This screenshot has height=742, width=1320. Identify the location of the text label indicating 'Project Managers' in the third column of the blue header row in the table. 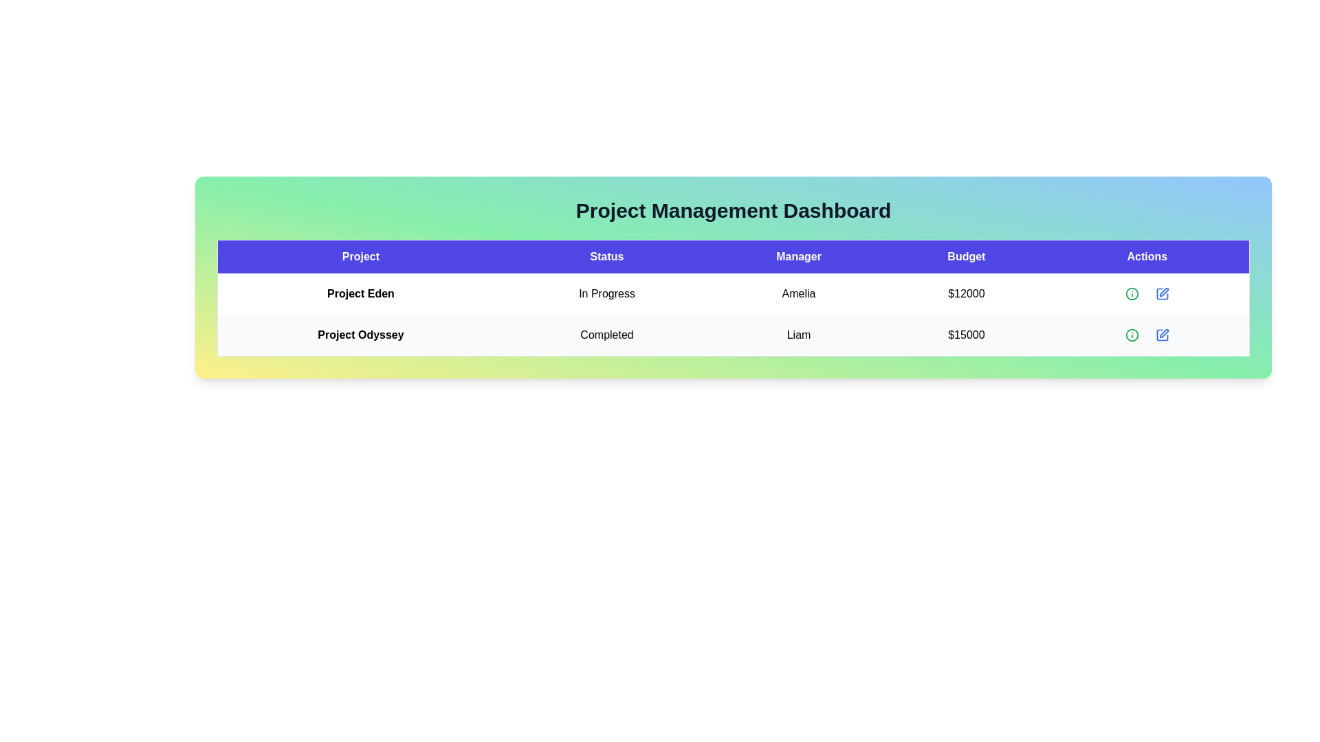
(798, 256).